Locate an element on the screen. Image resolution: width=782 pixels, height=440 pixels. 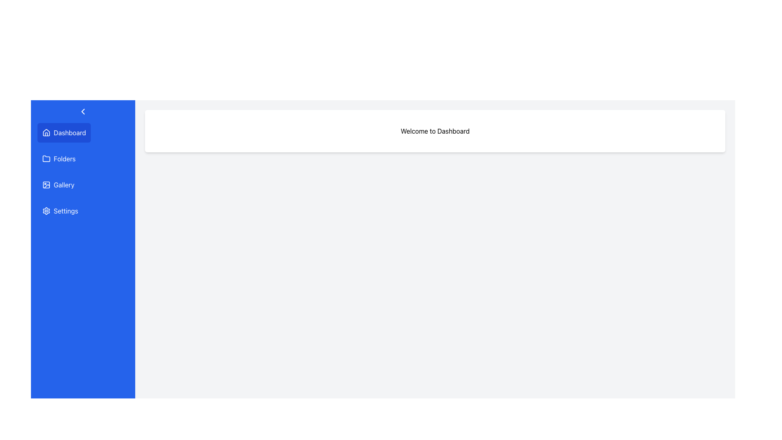
the 'Dashboard' text label in the sidebar menu, which is used for navigation within the application is located at coordinates (70, 132).